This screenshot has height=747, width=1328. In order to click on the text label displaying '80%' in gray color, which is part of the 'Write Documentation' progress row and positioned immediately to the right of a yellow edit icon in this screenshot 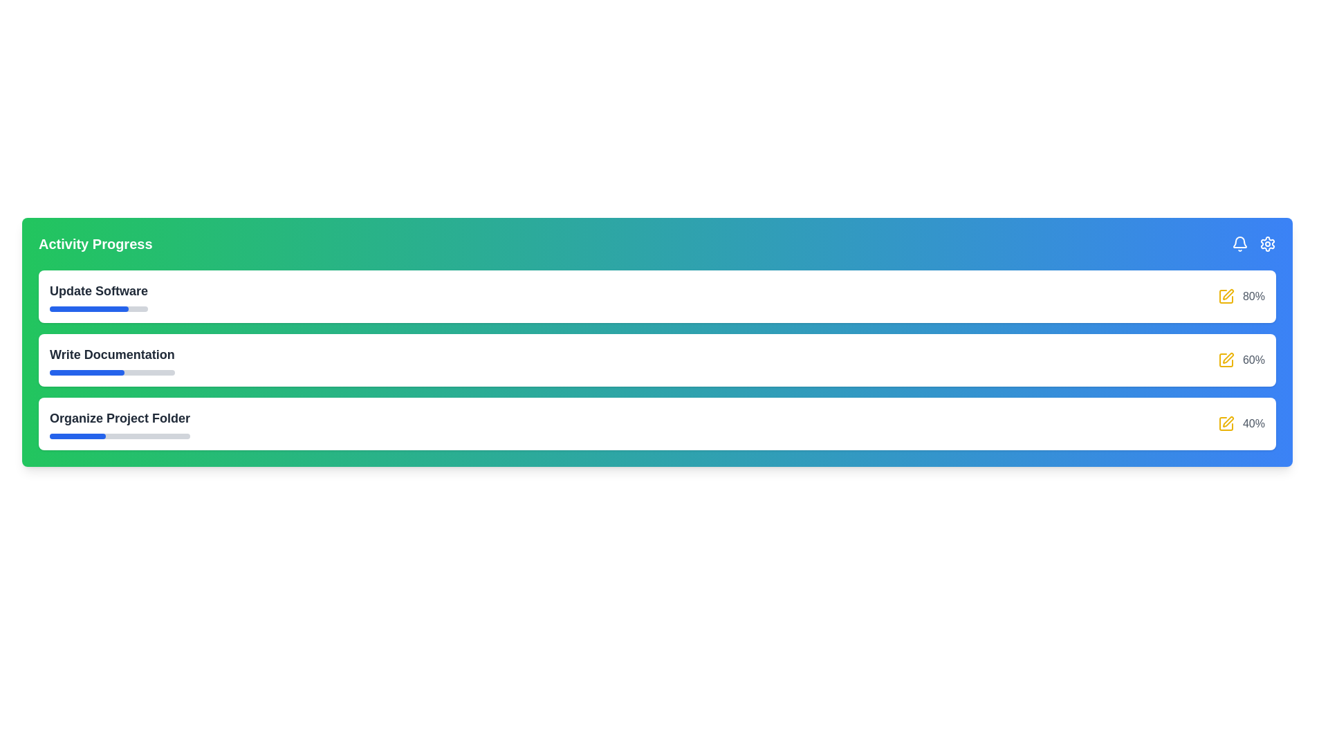, I will do `click(1254, 295)`.